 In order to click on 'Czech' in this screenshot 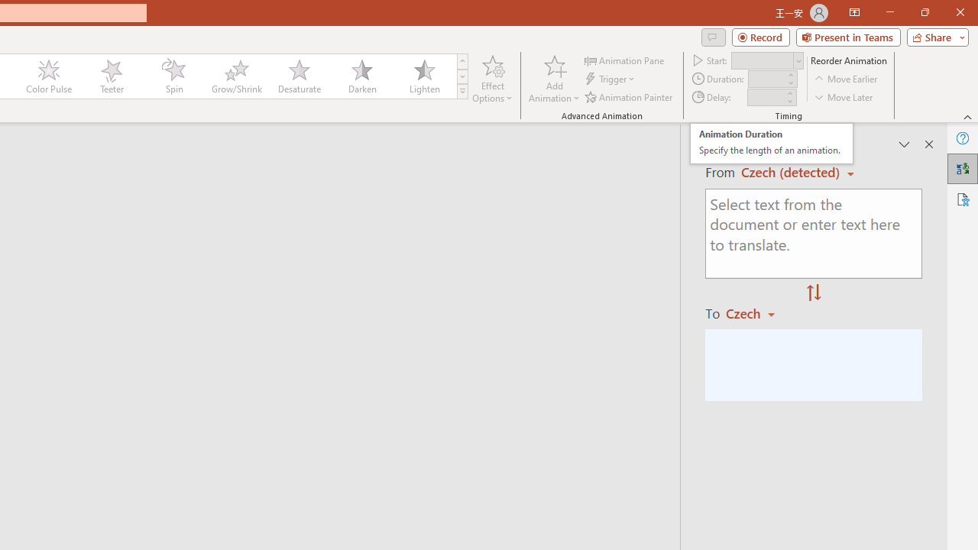, I will do `click(757, 312)`.